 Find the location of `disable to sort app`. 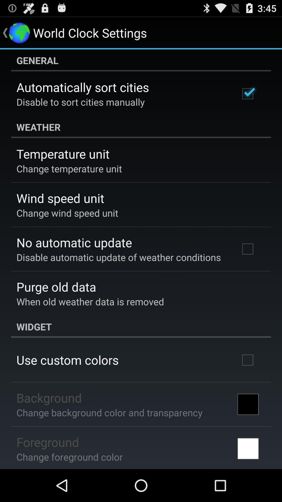

disable to sort app is located at coordinates (80, 102).